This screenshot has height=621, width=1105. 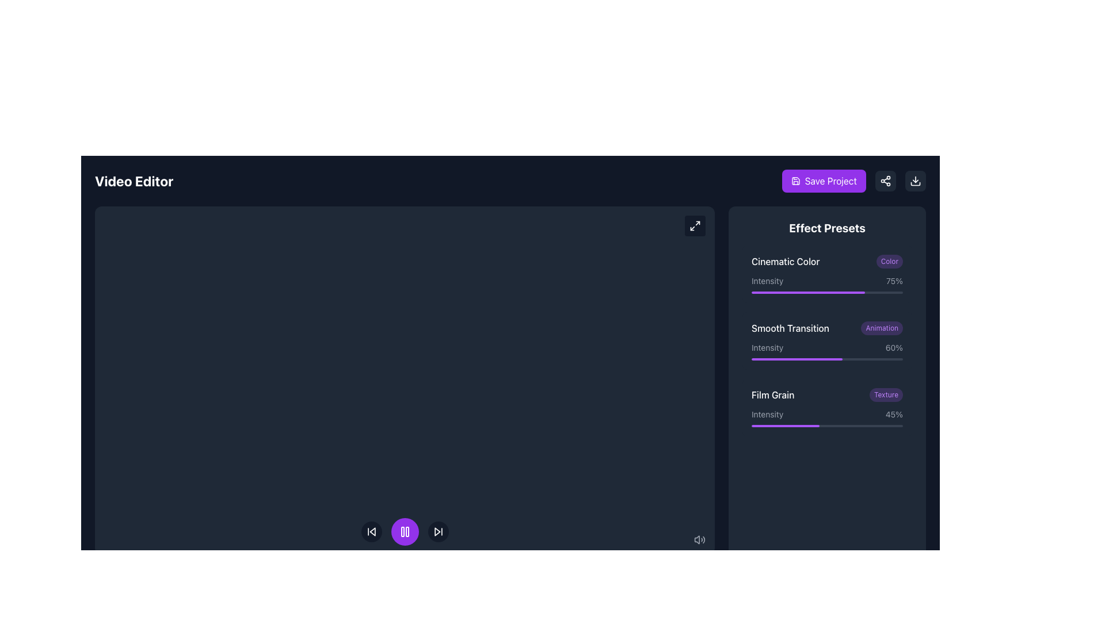 I want to click on the download icon button located at the top-right corner of the interface, so click(x=915, y=181).